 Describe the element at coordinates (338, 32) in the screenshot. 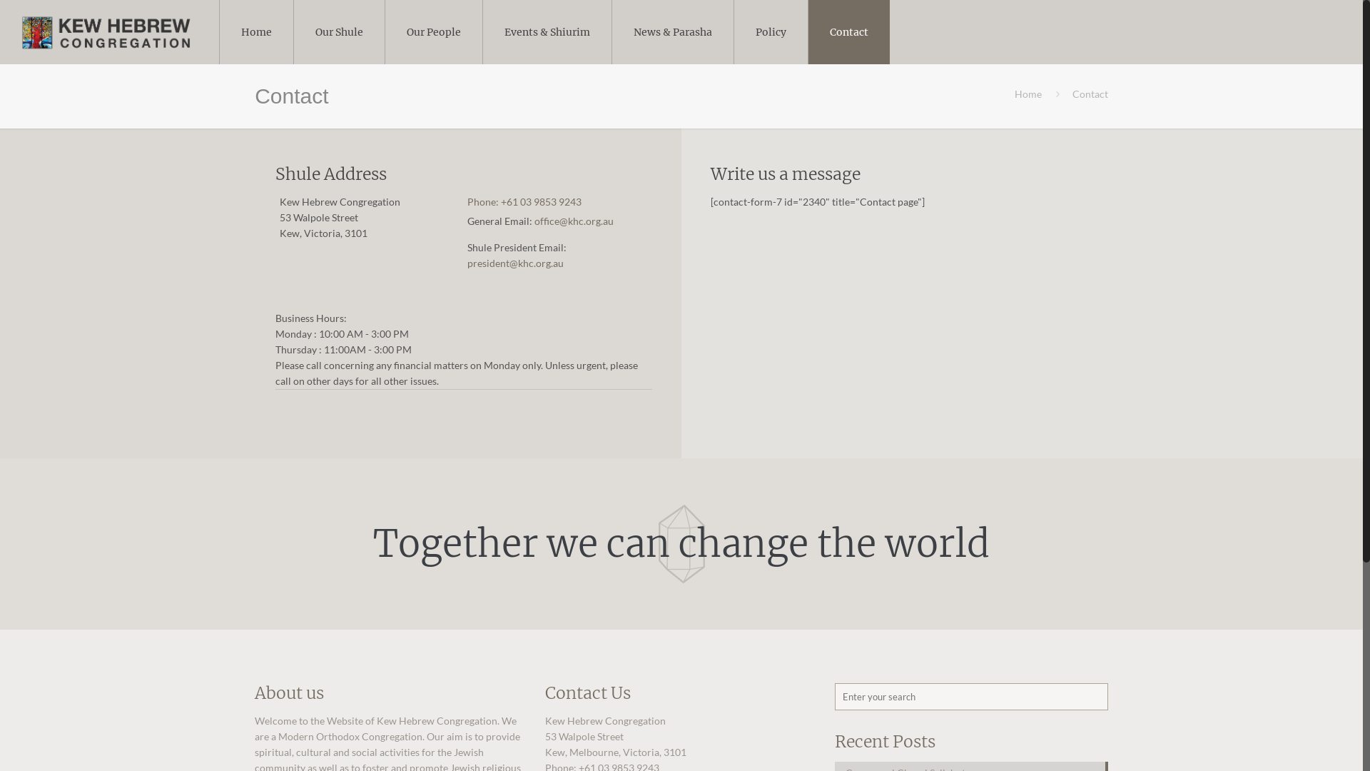

I see `'Our Shule'` at that location.